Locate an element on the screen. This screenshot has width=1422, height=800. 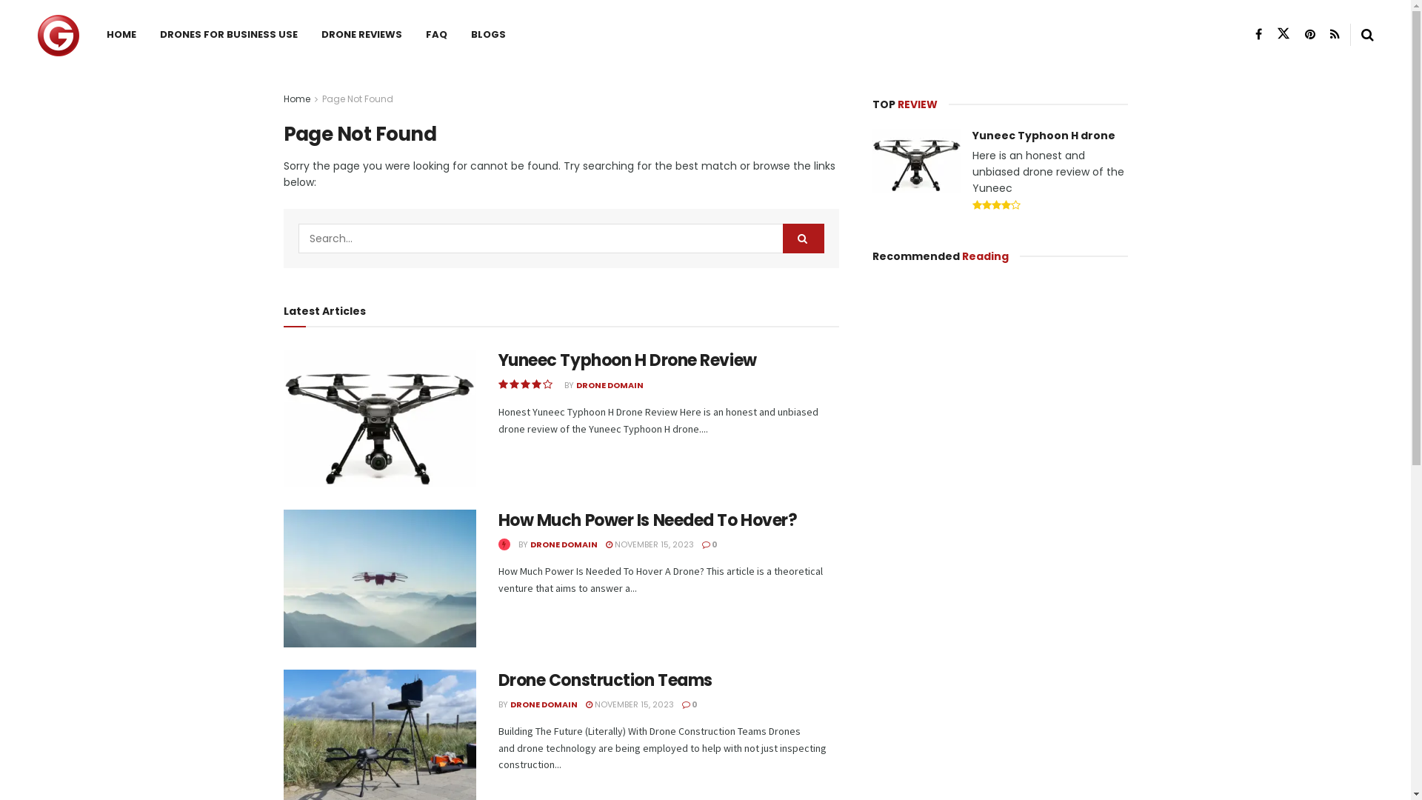
'How Much Power Is Needed To Hover?' is located at coordinates (647, 519).